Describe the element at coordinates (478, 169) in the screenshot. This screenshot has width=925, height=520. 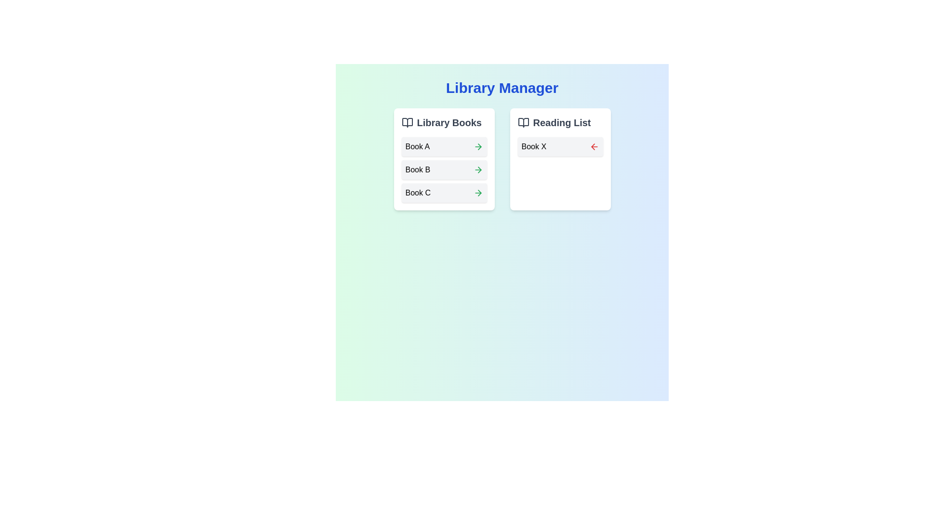
I see `the green right-facing arrow icon adjacent to the text 'Book B' in the 'Library Books' section to initiate an action` at that location.